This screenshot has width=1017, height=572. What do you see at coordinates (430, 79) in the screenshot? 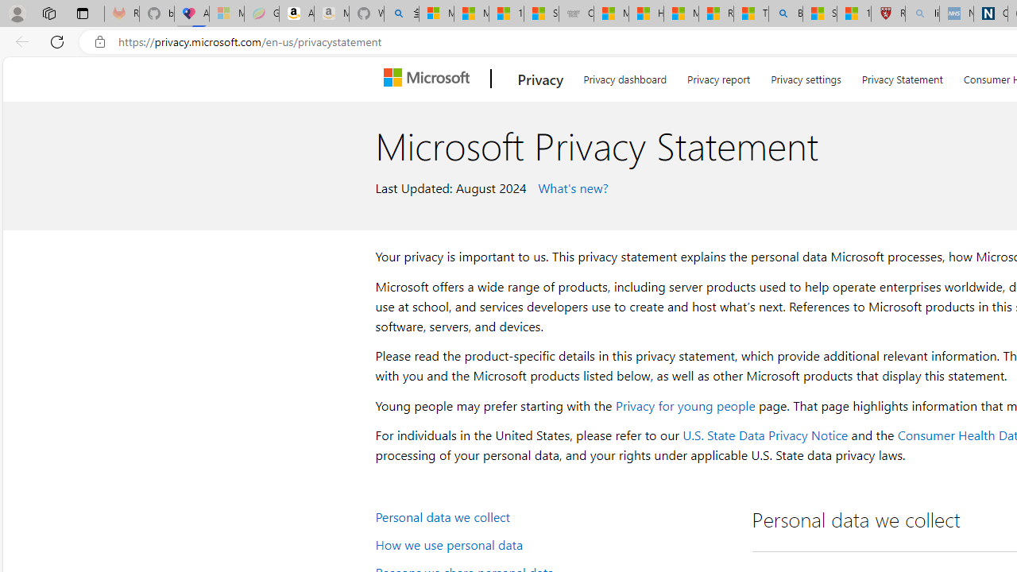
I see `'Microsoft'` at bounding box center [430, 79].